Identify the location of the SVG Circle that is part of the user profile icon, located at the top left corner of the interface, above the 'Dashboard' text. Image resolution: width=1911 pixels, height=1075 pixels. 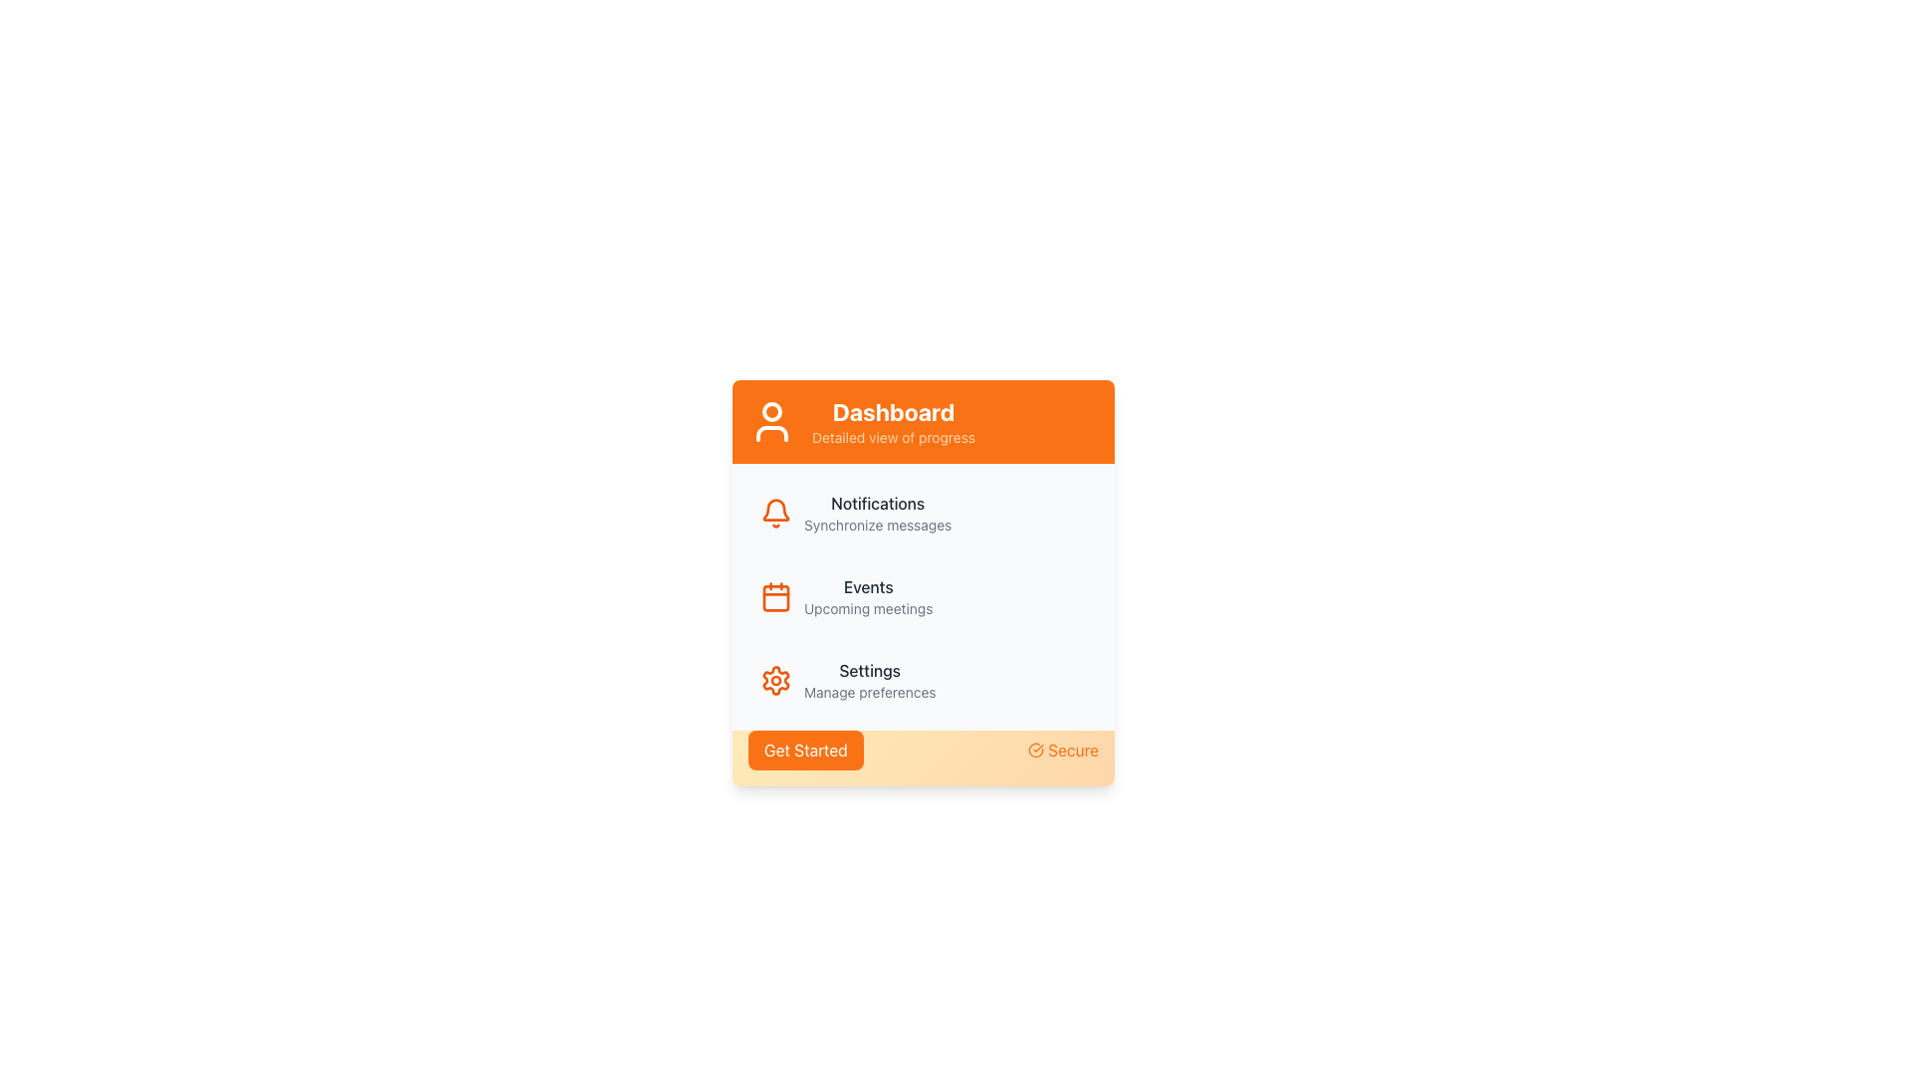
(771, 410).